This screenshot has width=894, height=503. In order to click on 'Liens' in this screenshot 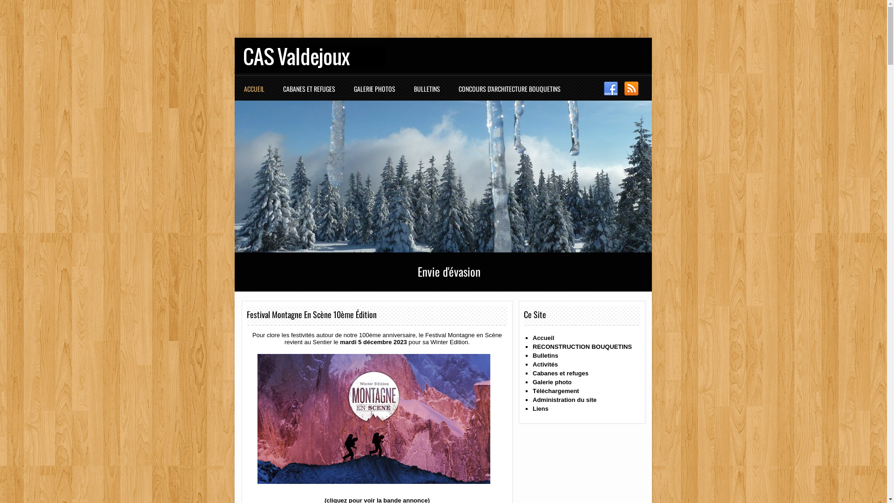, I will do `click(541, 408)`.